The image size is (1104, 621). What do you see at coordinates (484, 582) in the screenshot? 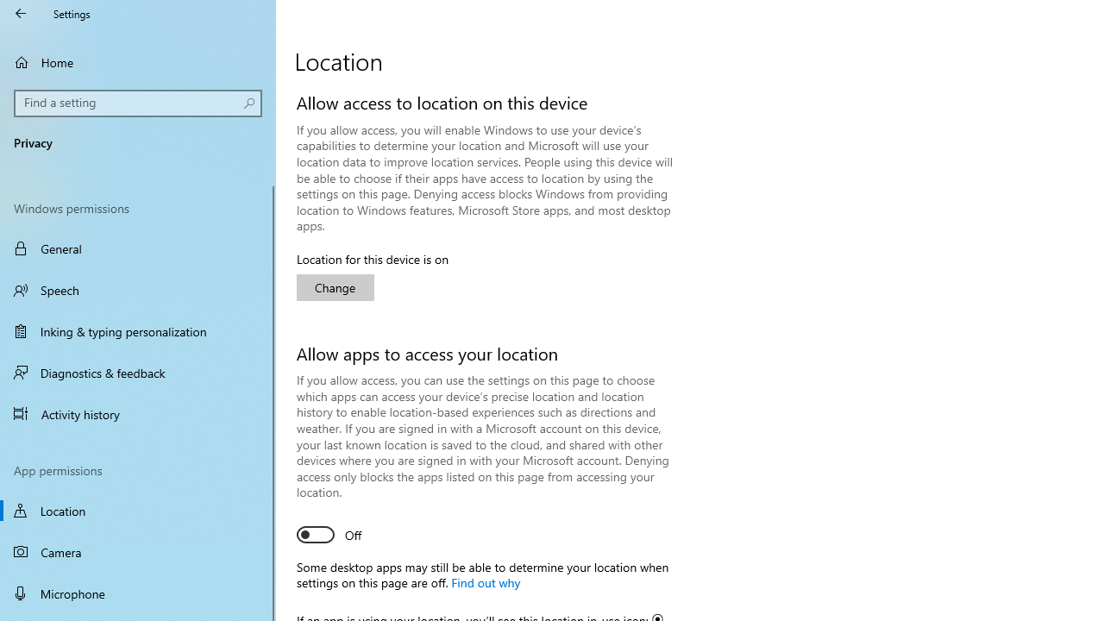
I see `'Find out why'` at bounding box center [484, 582].